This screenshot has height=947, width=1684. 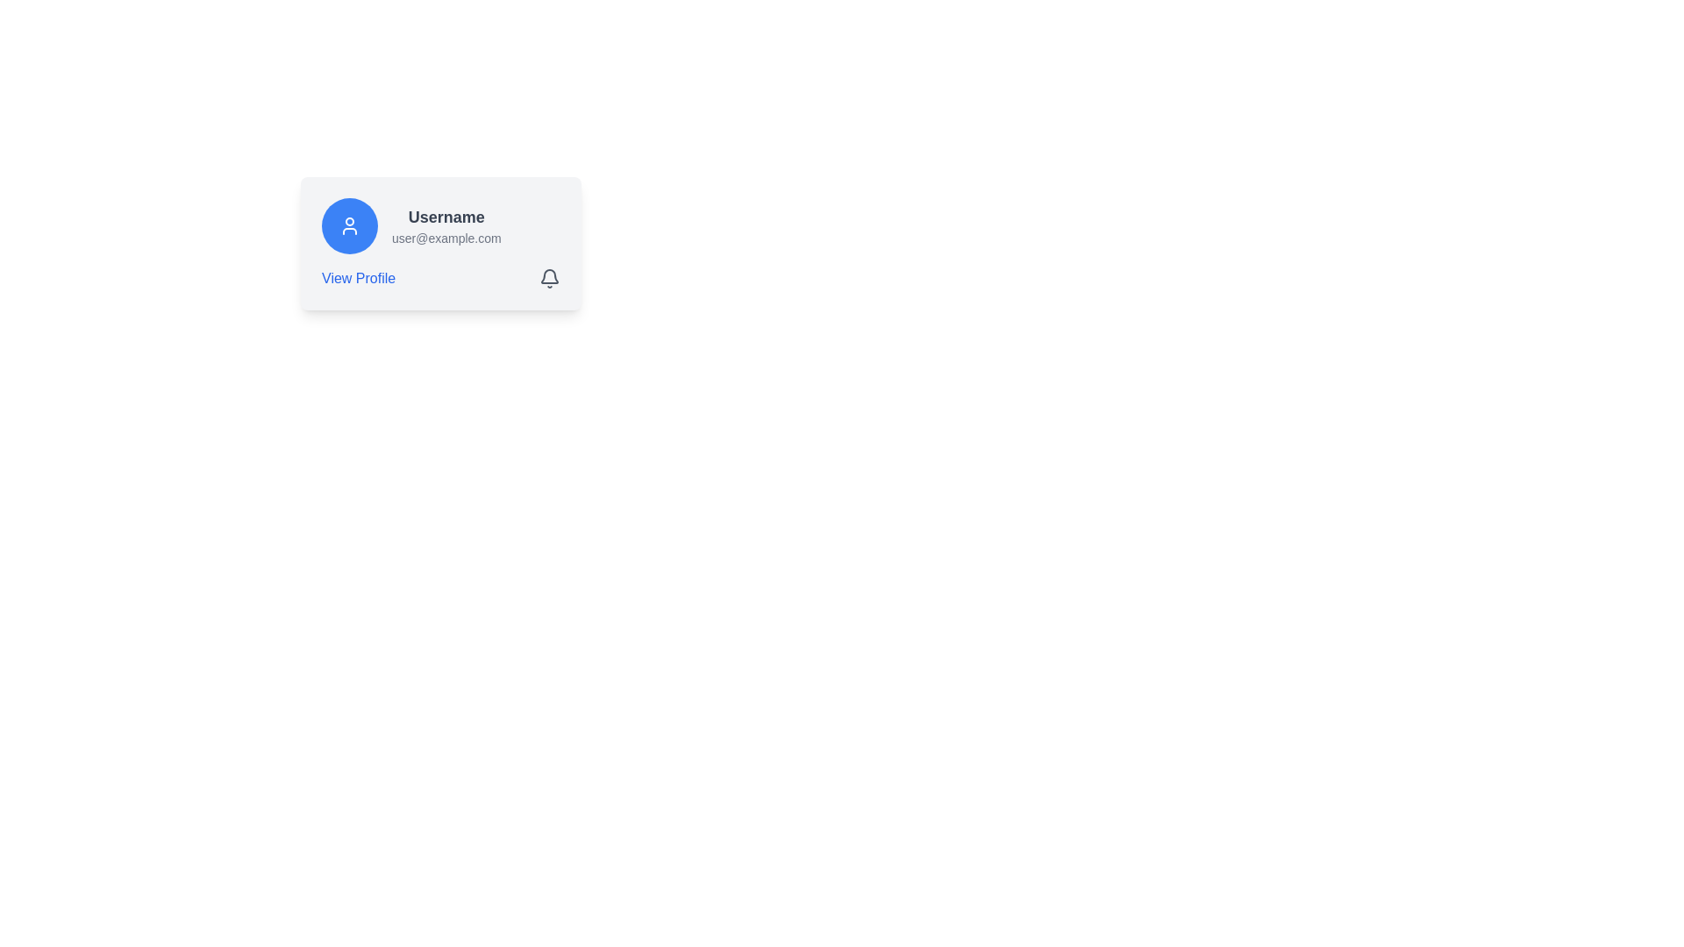 I want to click on the text link labeled 'View Profile', so click(x=358, y=277).